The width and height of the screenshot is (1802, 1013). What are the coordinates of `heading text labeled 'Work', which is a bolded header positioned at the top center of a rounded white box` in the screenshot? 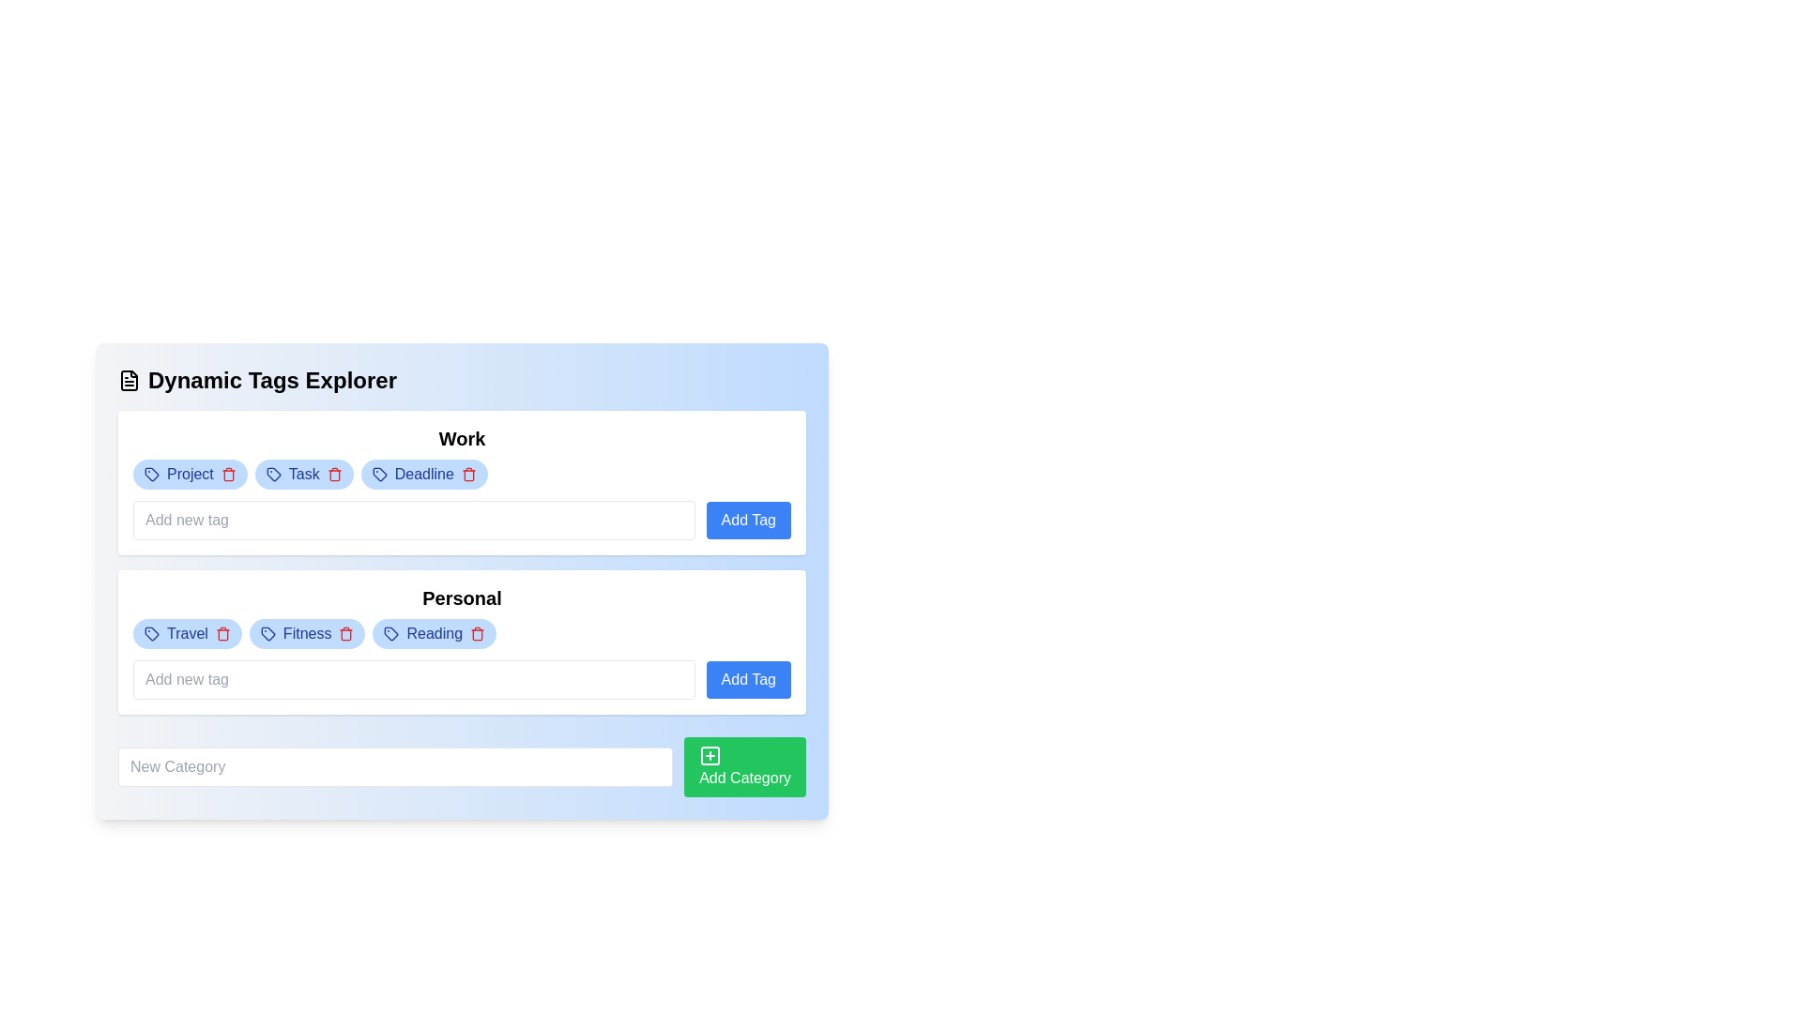 It's located at (462, 438).